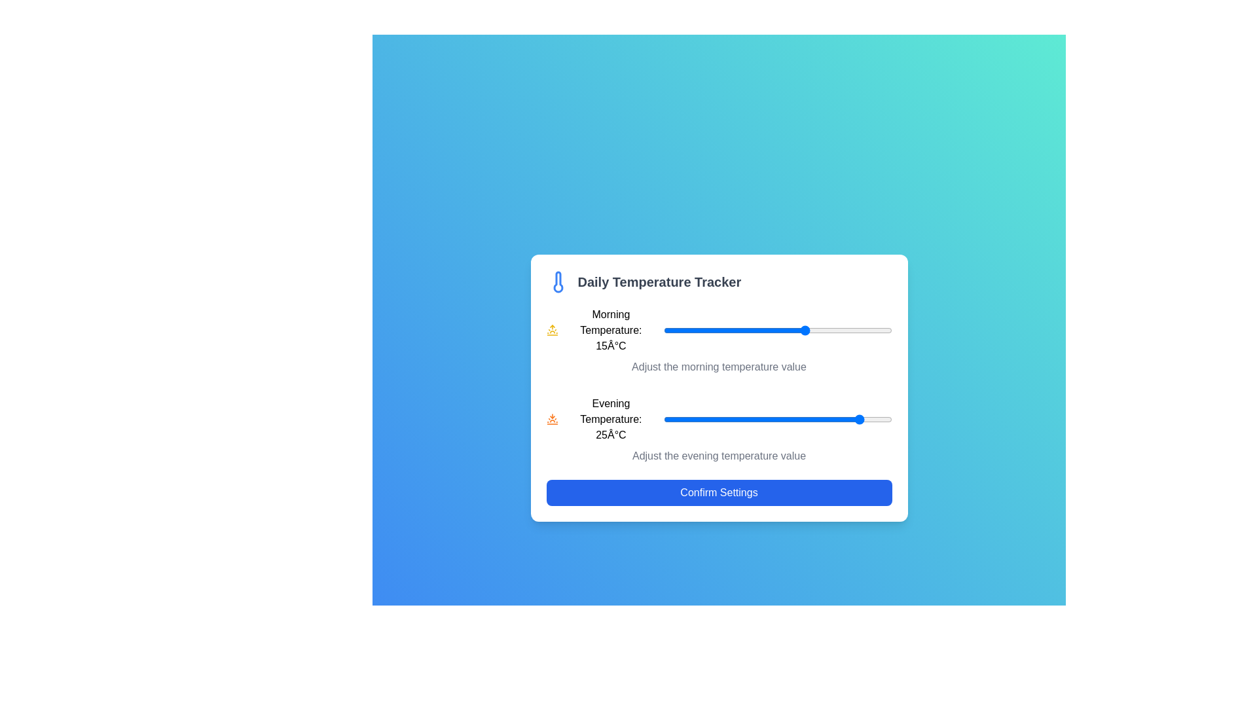  What do you see at coordinates (822, 419) in the screenshot?
I see `the evening temperature slider to 18°C` at bounding box center [822, 419].